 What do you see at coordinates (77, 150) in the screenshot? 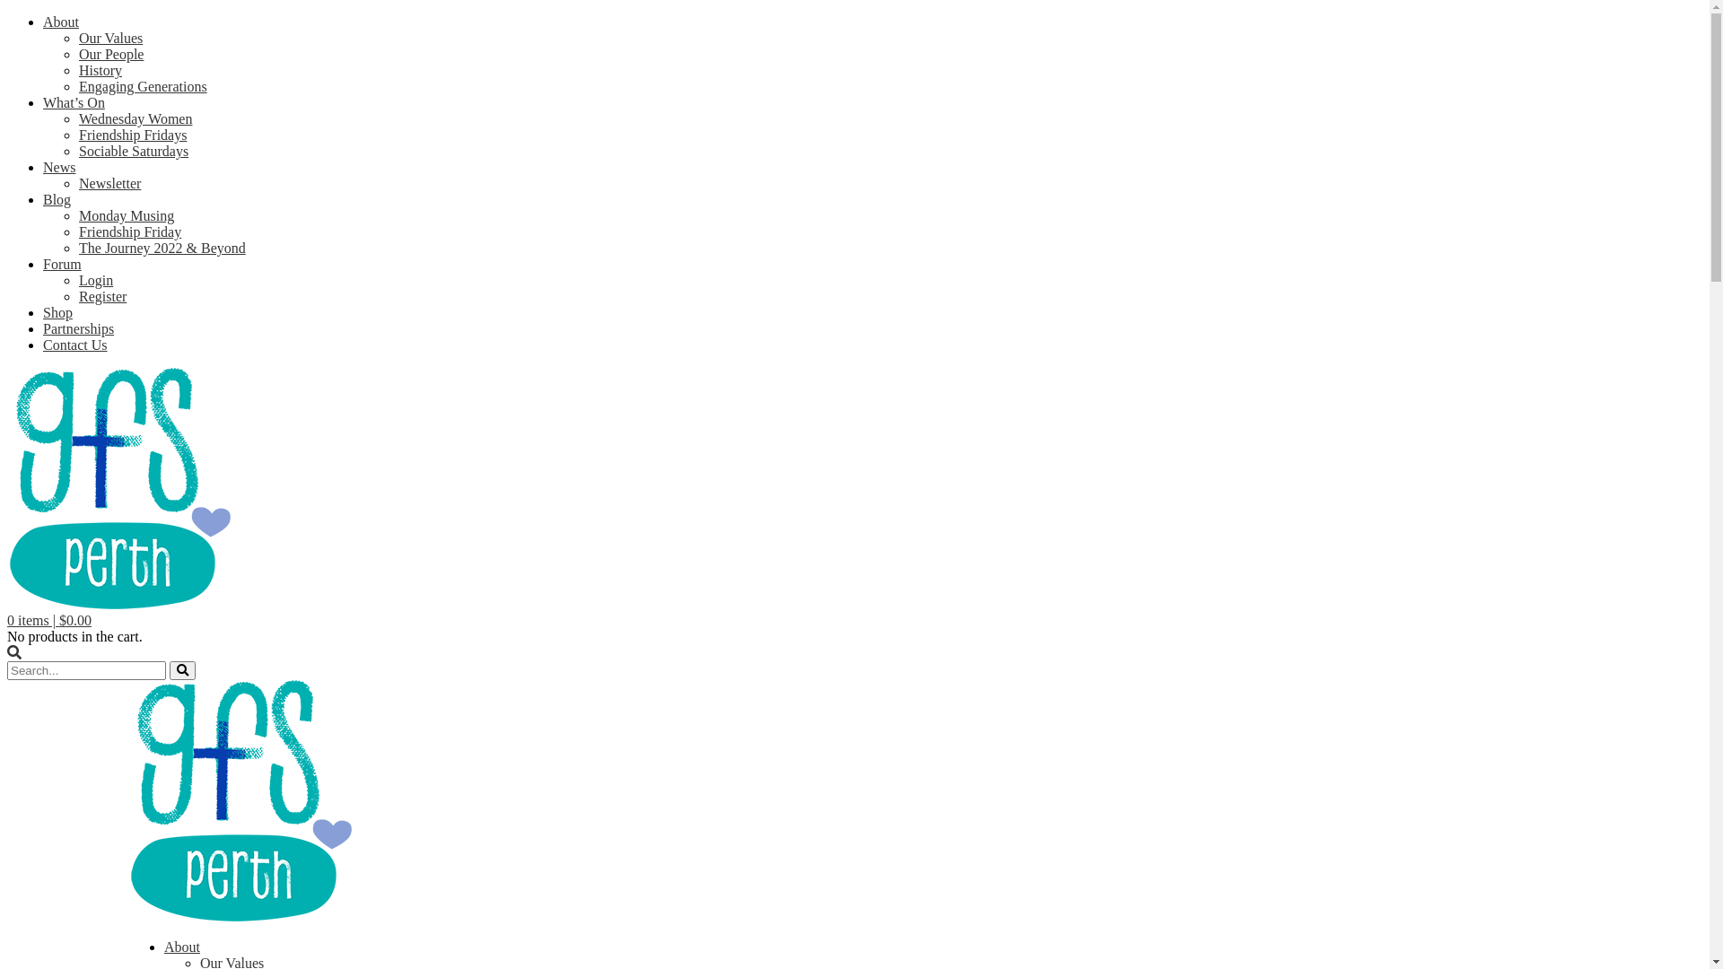
I see `'Sociable Saturdays'` at bounding box center [77, 150].